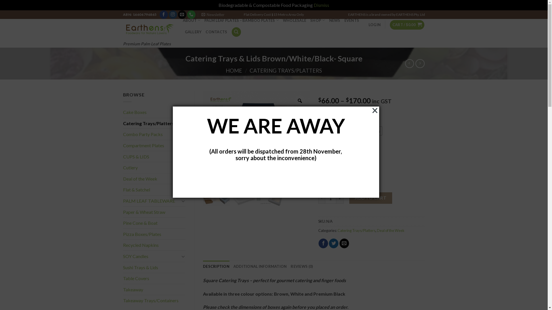  Describe the element at coordinates (154, 134) in the screenshot. I see `'Combo Party Packs'` at that location.